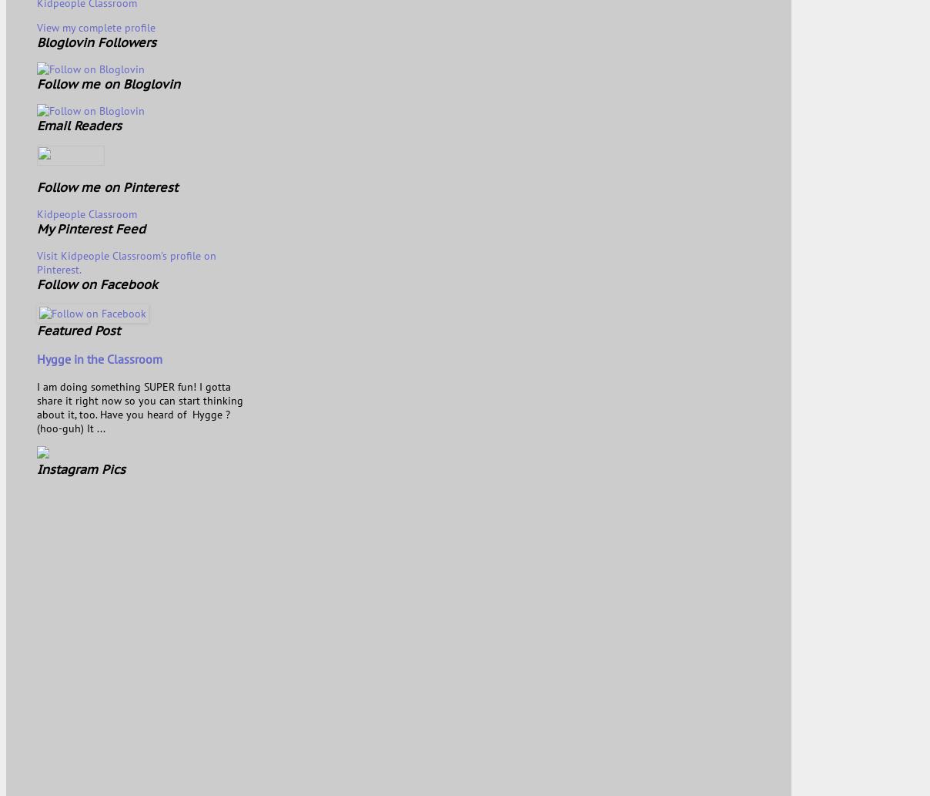 Image resolution: width=930 pixels, height=796 pixels. Describe the element at coordinates (77, 329) in the screenshot. I see `'Featured Post'` at that location.